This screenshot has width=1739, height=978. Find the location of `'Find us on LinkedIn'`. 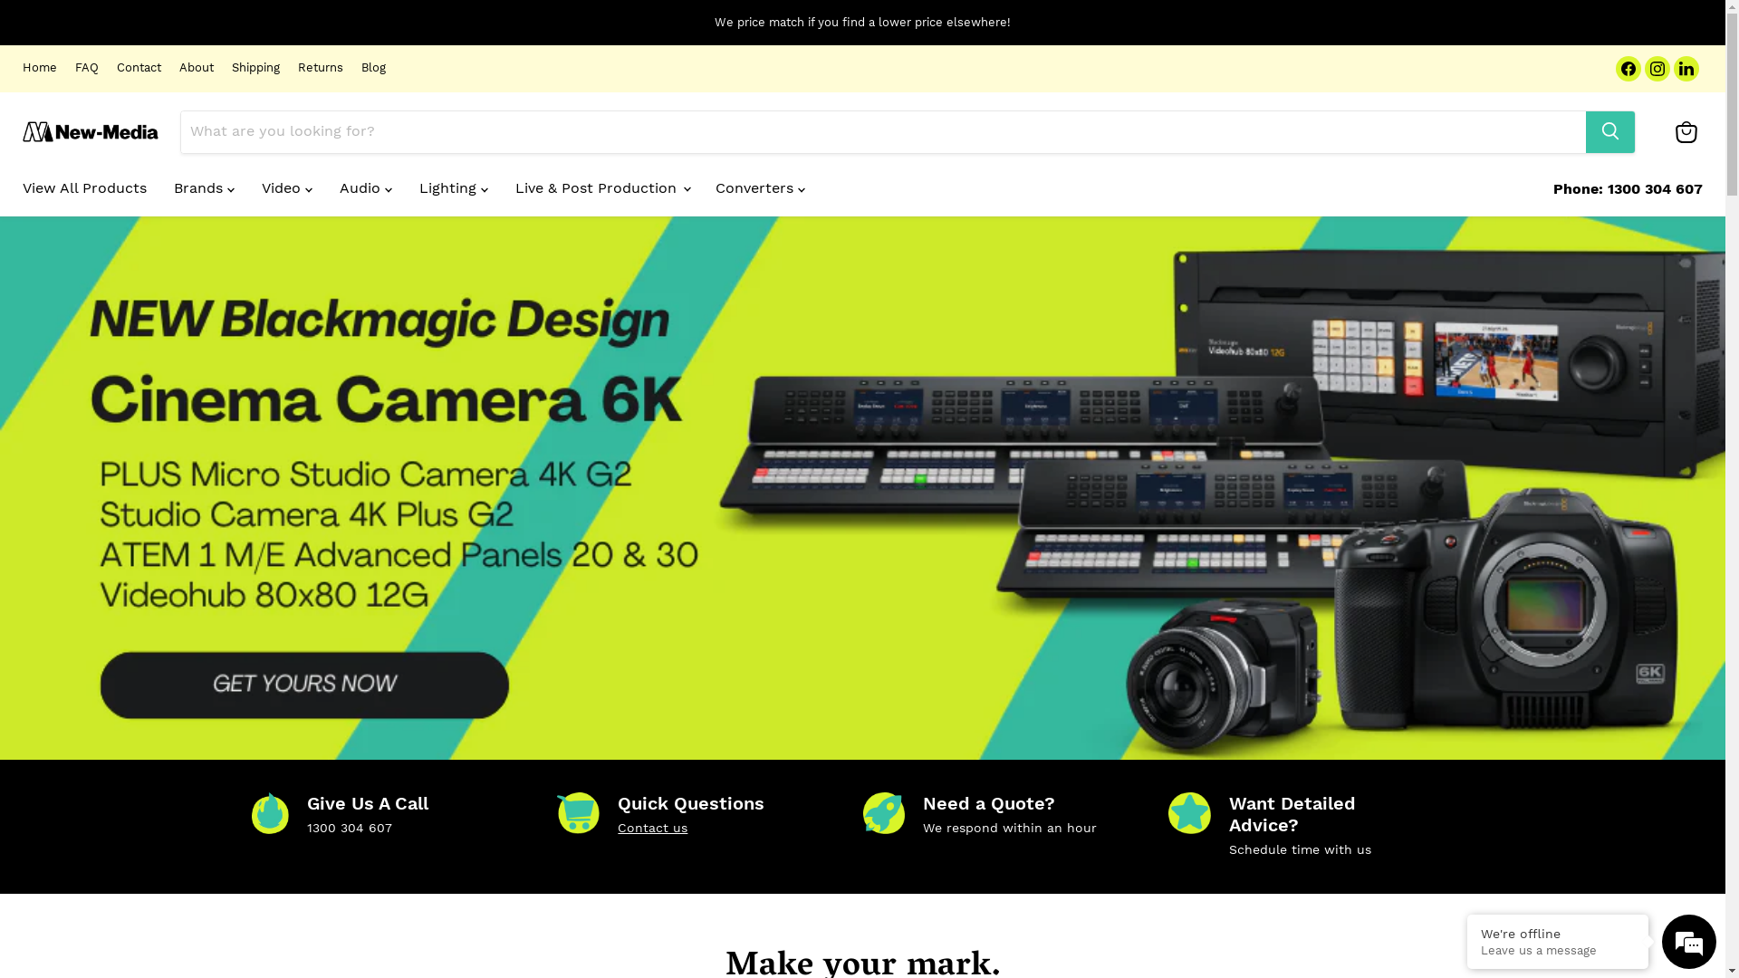

'Find us on LinkedIn' is located at coordinates (1686, 68).